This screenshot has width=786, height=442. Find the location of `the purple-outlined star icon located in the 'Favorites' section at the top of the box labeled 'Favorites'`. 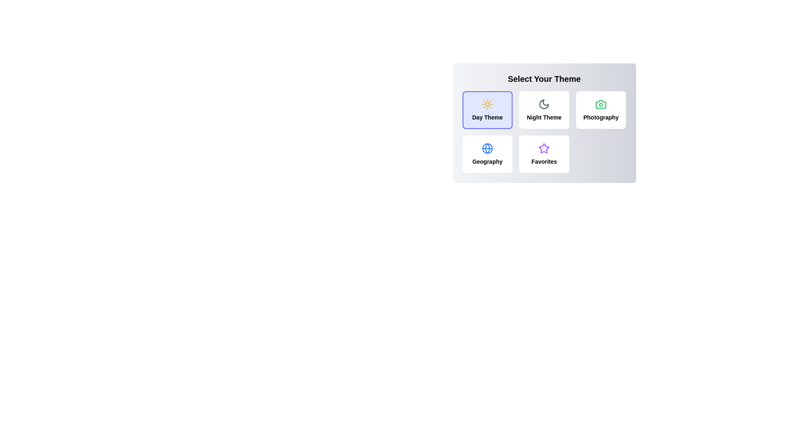

the purple-outlined star icon located in the 'Favorites' section at the top of the box labeled 'Favorites' is located at coordinates (544, 148).